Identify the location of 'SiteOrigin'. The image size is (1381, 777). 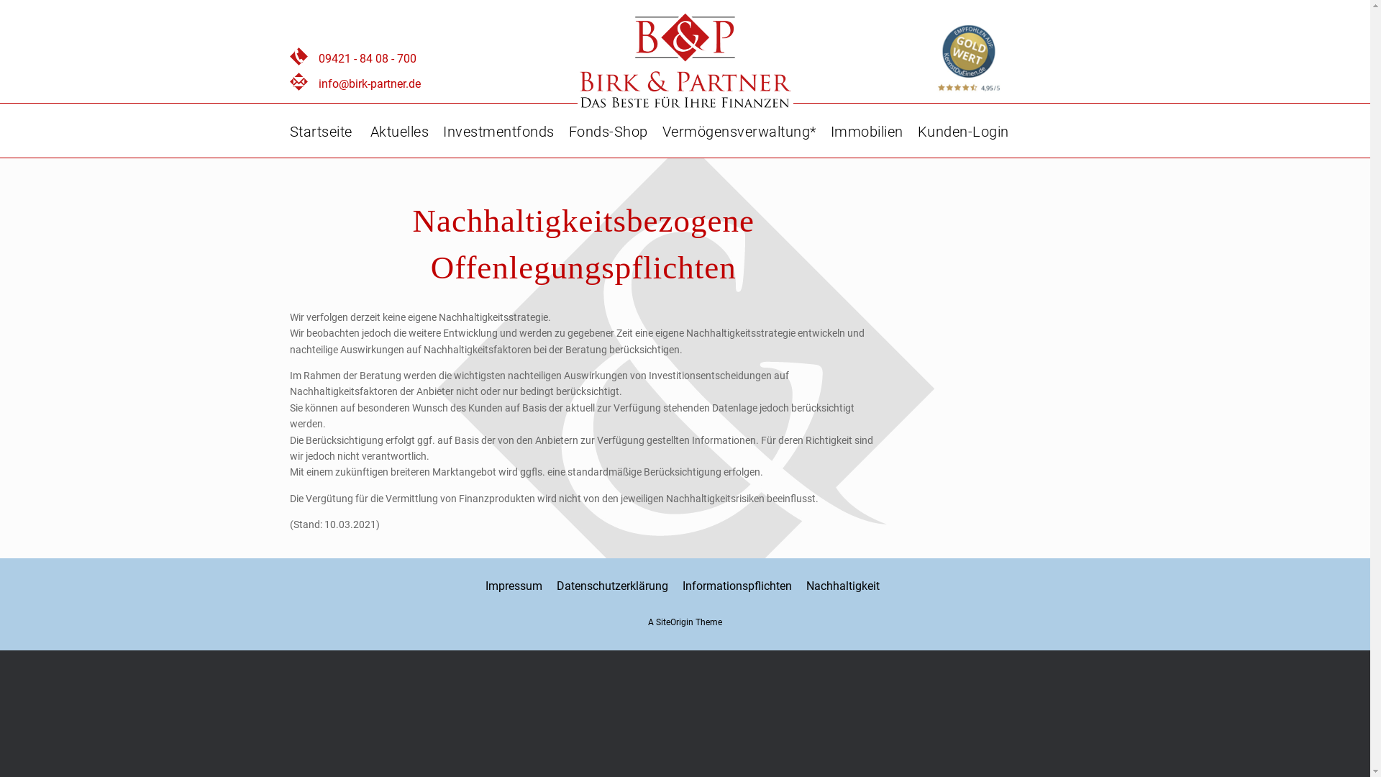
(673, 621).